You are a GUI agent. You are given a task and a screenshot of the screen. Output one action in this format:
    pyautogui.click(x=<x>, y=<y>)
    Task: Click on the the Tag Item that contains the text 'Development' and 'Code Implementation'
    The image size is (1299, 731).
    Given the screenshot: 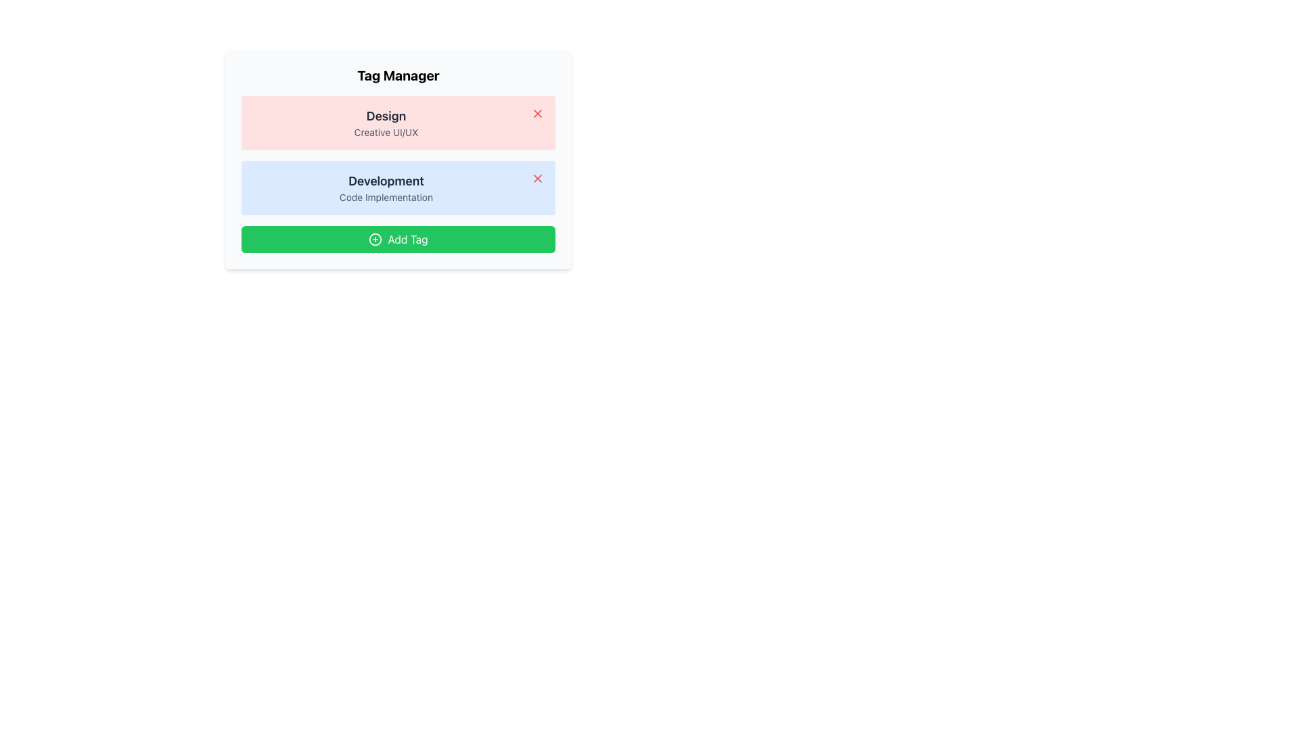 What is the action you would take?
    pyautogui.click(x=398, y=187)
    